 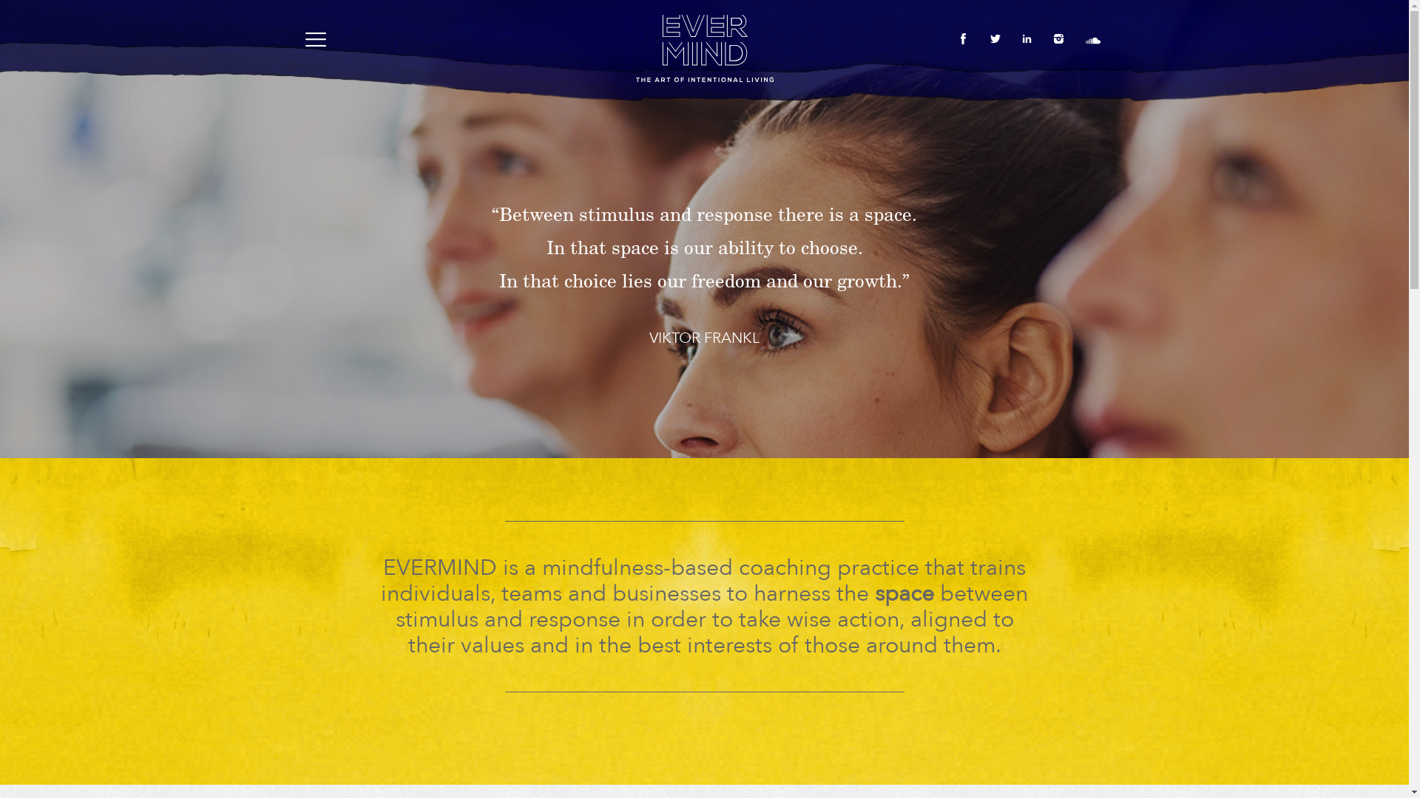 What do you see at coordinates (998, 38) in the screenshot?
I see `'twitter'` at bounding box center [998, 38].